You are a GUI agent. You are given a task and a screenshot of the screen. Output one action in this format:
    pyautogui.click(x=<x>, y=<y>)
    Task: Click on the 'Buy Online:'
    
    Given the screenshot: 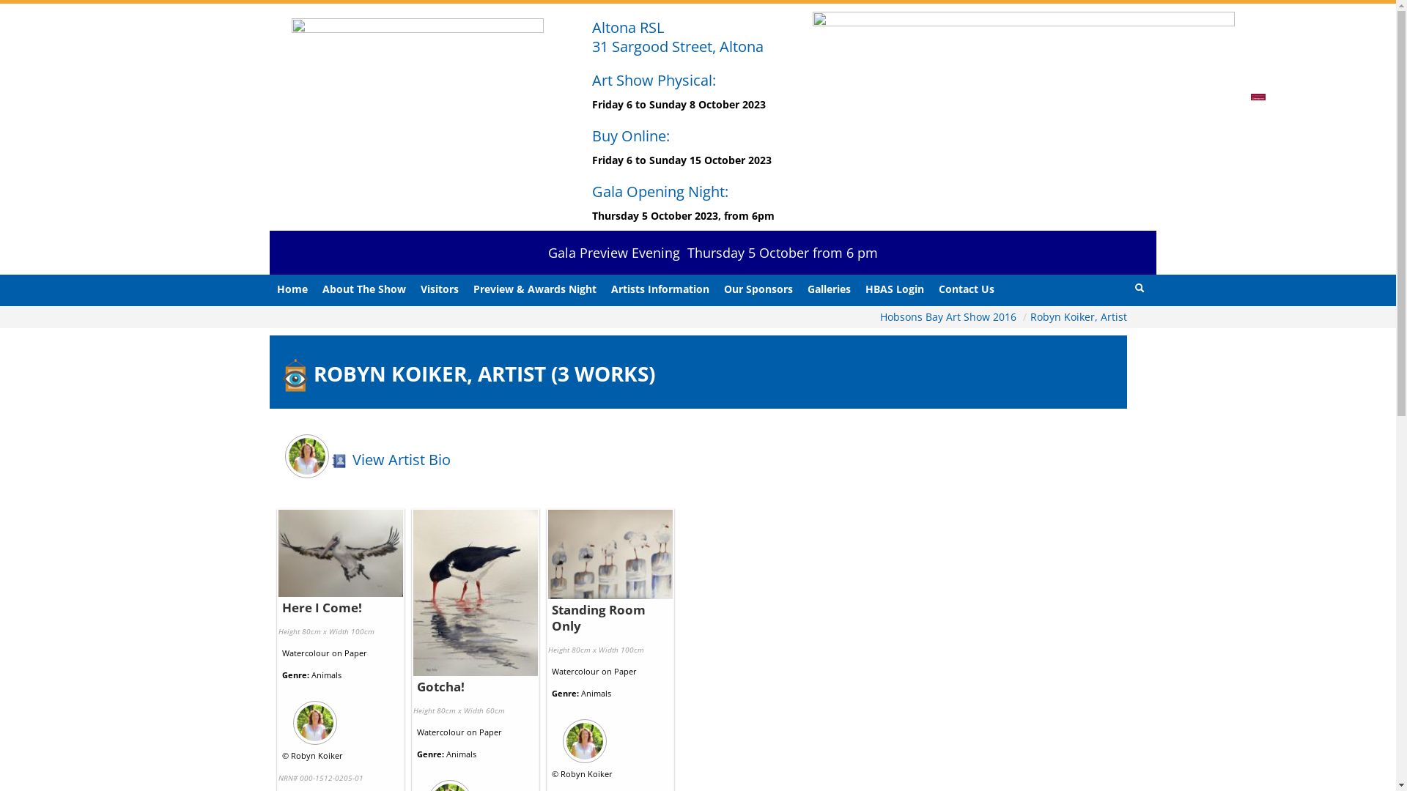 What is the action you would take?
    pyautogui.click(x=630, y=135)
    